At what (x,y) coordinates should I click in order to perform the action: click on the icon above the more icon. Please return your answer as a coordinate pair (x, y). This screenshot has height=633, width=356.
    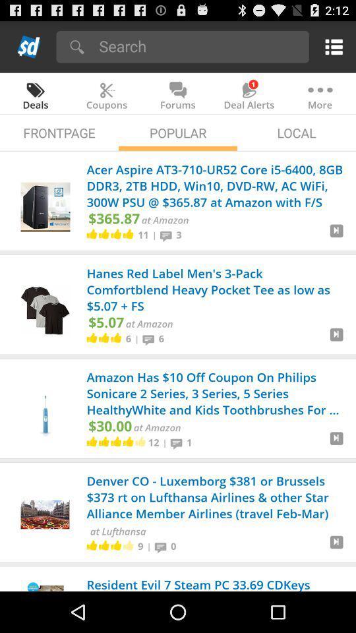
    Looking at the image, I should click on (331, 46).